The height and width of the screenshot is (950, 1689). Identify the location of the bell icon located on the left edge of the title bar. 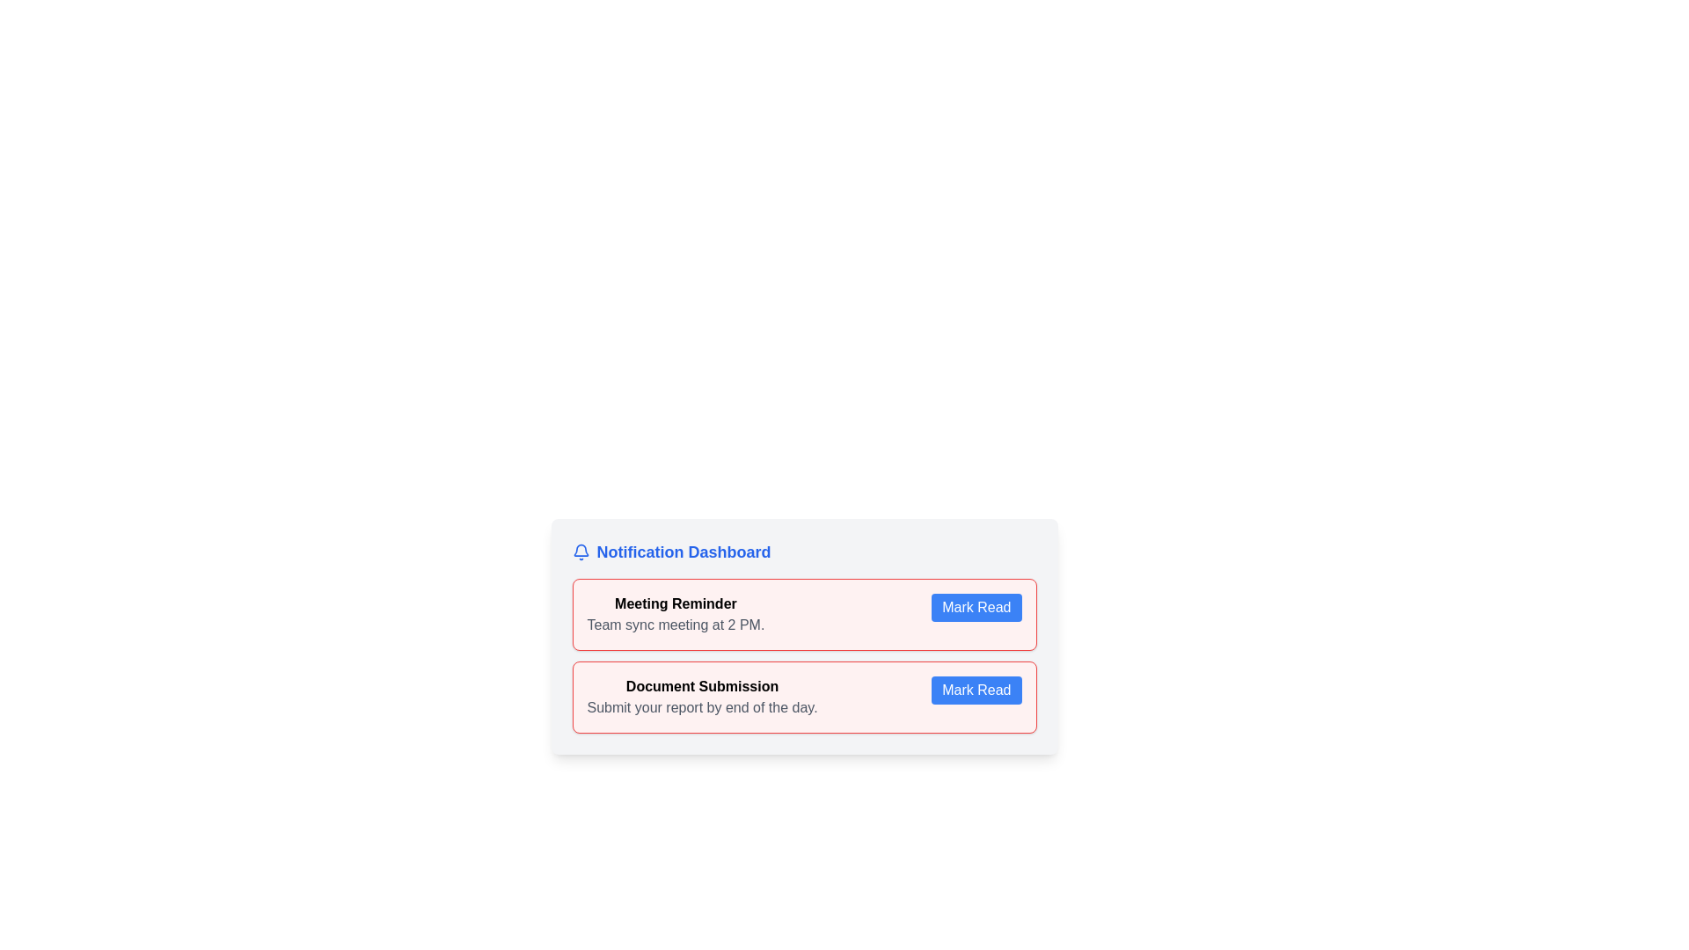
(581, 552).